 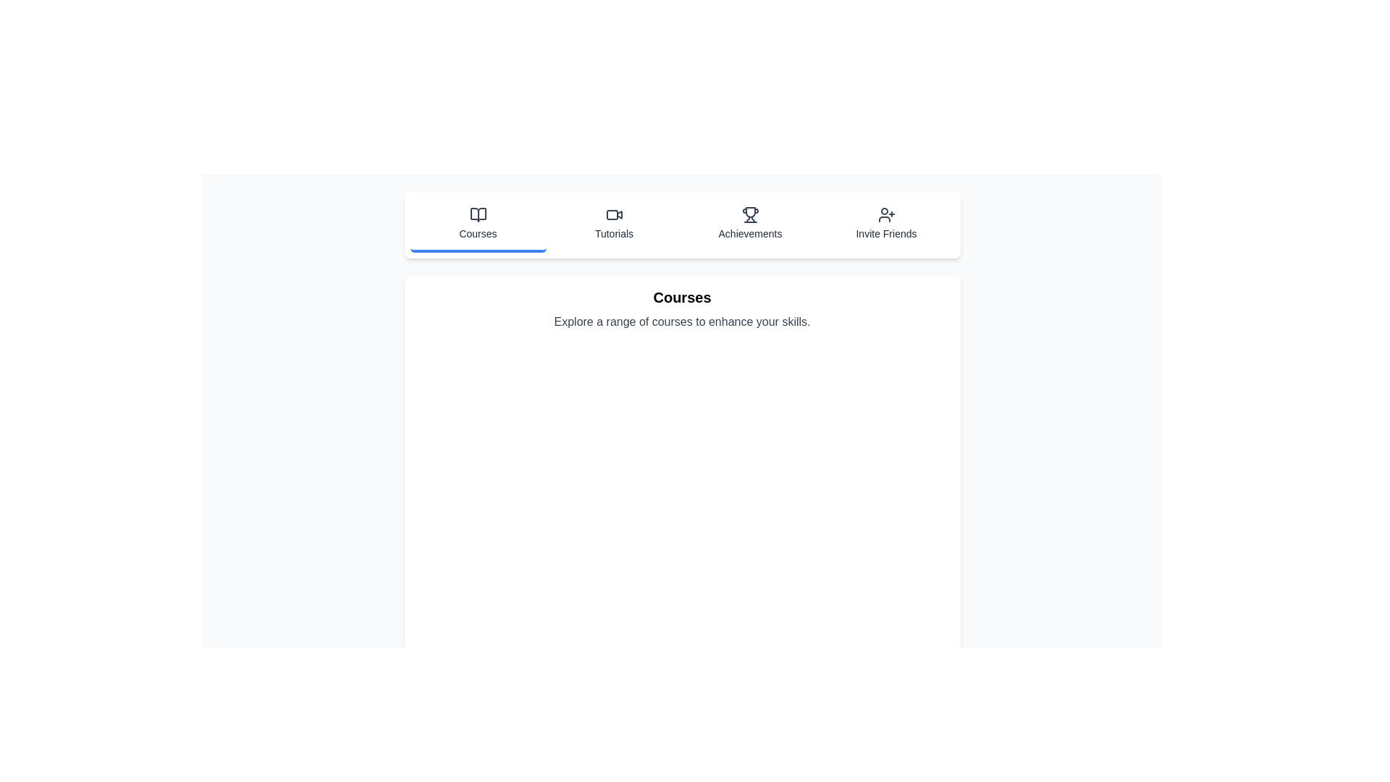 What do you see at coordinates (750, 225) in the screenshot?
I see `the navigation button for achievements, which is the third button in a horizontal group of four buttons, located between the 'Tutorials' button and the 'Invite Friends' button` at bounding box center [750, 225].